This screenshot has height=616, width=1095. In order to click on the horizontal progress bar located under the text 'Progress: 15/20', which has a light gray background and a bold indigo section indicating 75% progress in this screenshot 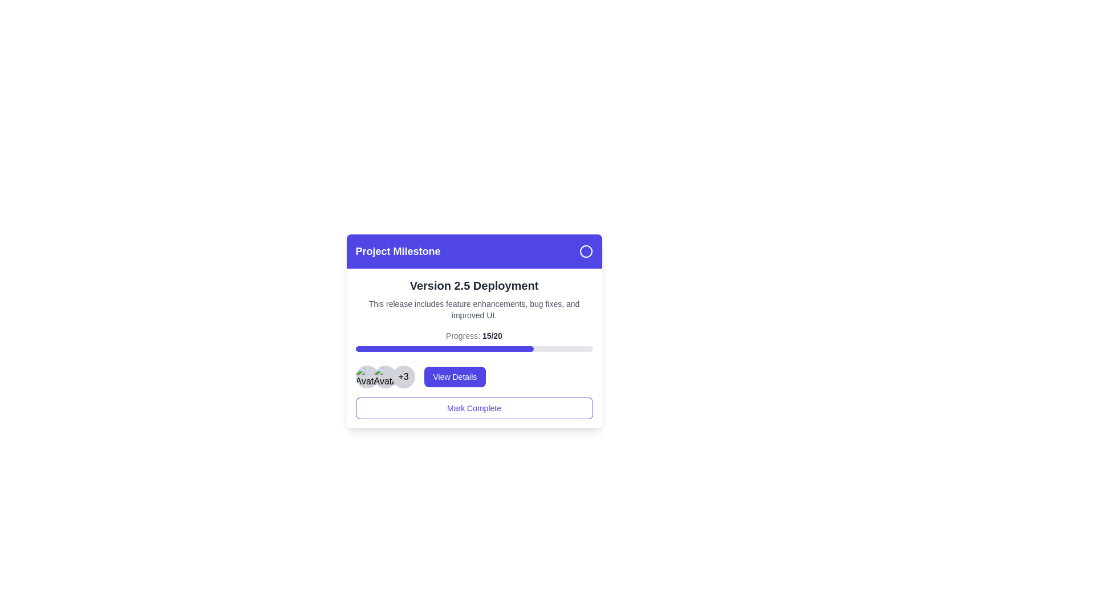, I will do `click(474, 348)`.